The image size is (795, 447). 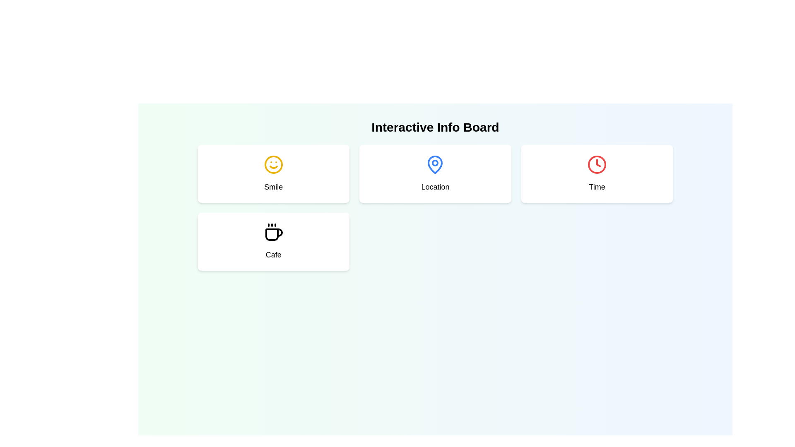 What do you see at coordinates (597, 173) in the screenshot?
I see `the 'Time' informational card component, which is the third card in a row of three, visually aligned with other elements on the board` at bounding box center [597, 173].